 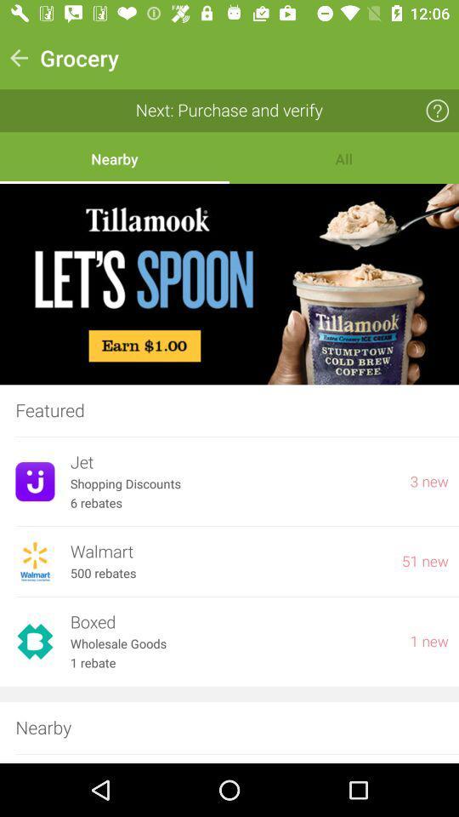 What do you see at coordinates (231, 621) in the screenshot?
I see `icon next to 1 new item` at bounding box center [231, 621].